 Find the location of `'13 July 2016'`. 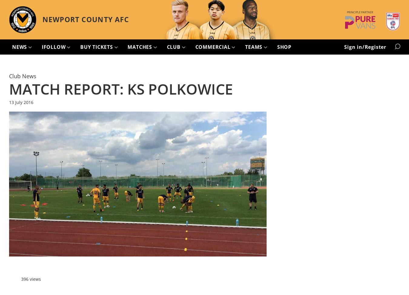

'13 July 2016' is located at coordinates (21, 102).